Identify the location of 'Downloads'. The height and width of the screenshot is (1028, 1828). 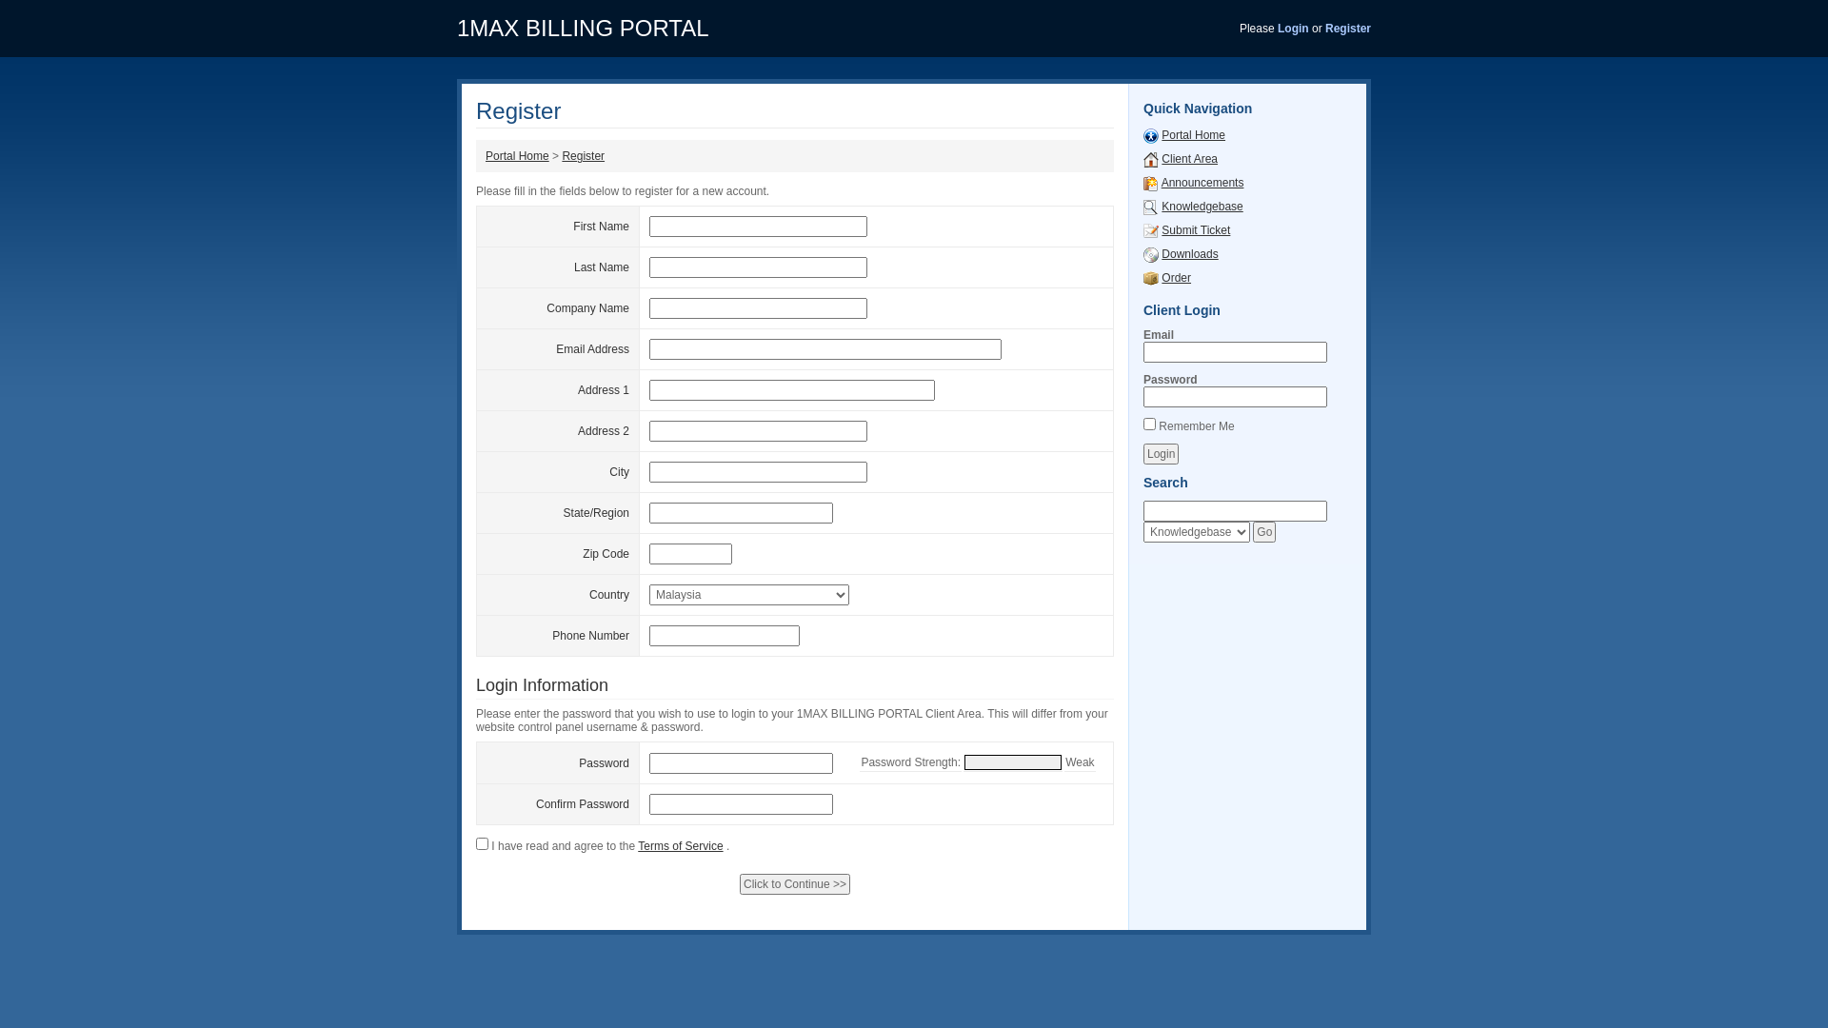
(1160, 252).